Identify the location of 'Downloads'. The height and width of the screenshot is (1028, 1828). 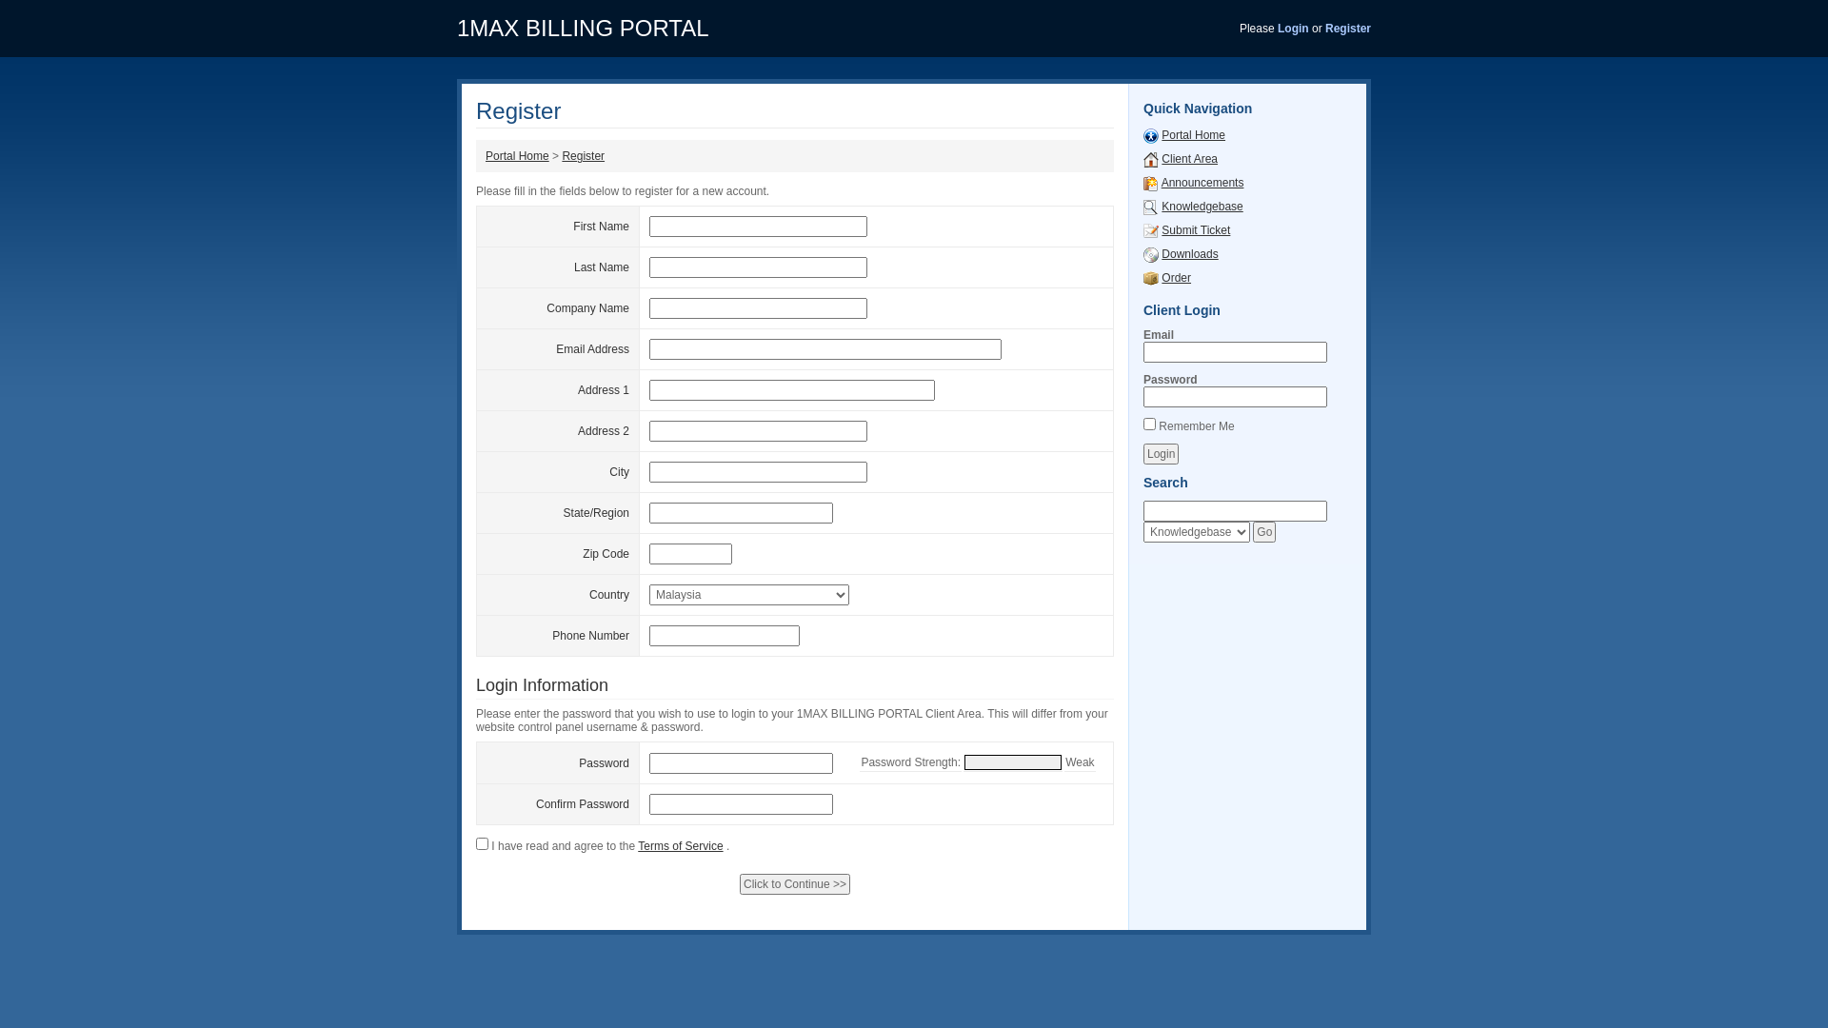
(1160, 252).